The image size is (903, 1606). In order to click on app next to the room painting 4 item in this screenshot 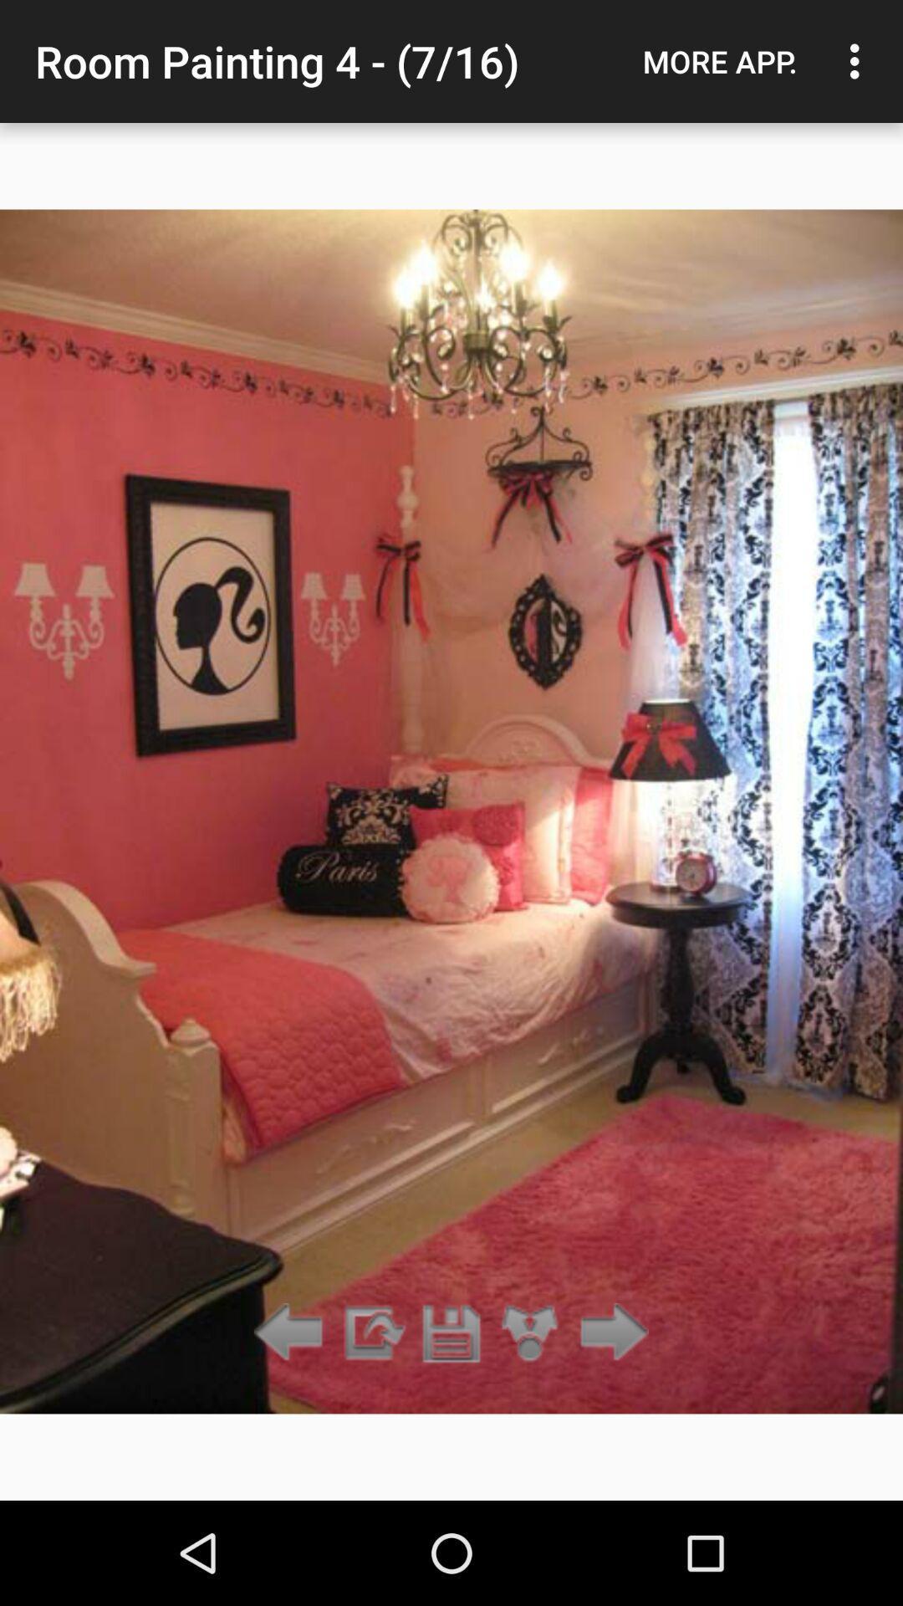, I will do `click(719, 61)`.